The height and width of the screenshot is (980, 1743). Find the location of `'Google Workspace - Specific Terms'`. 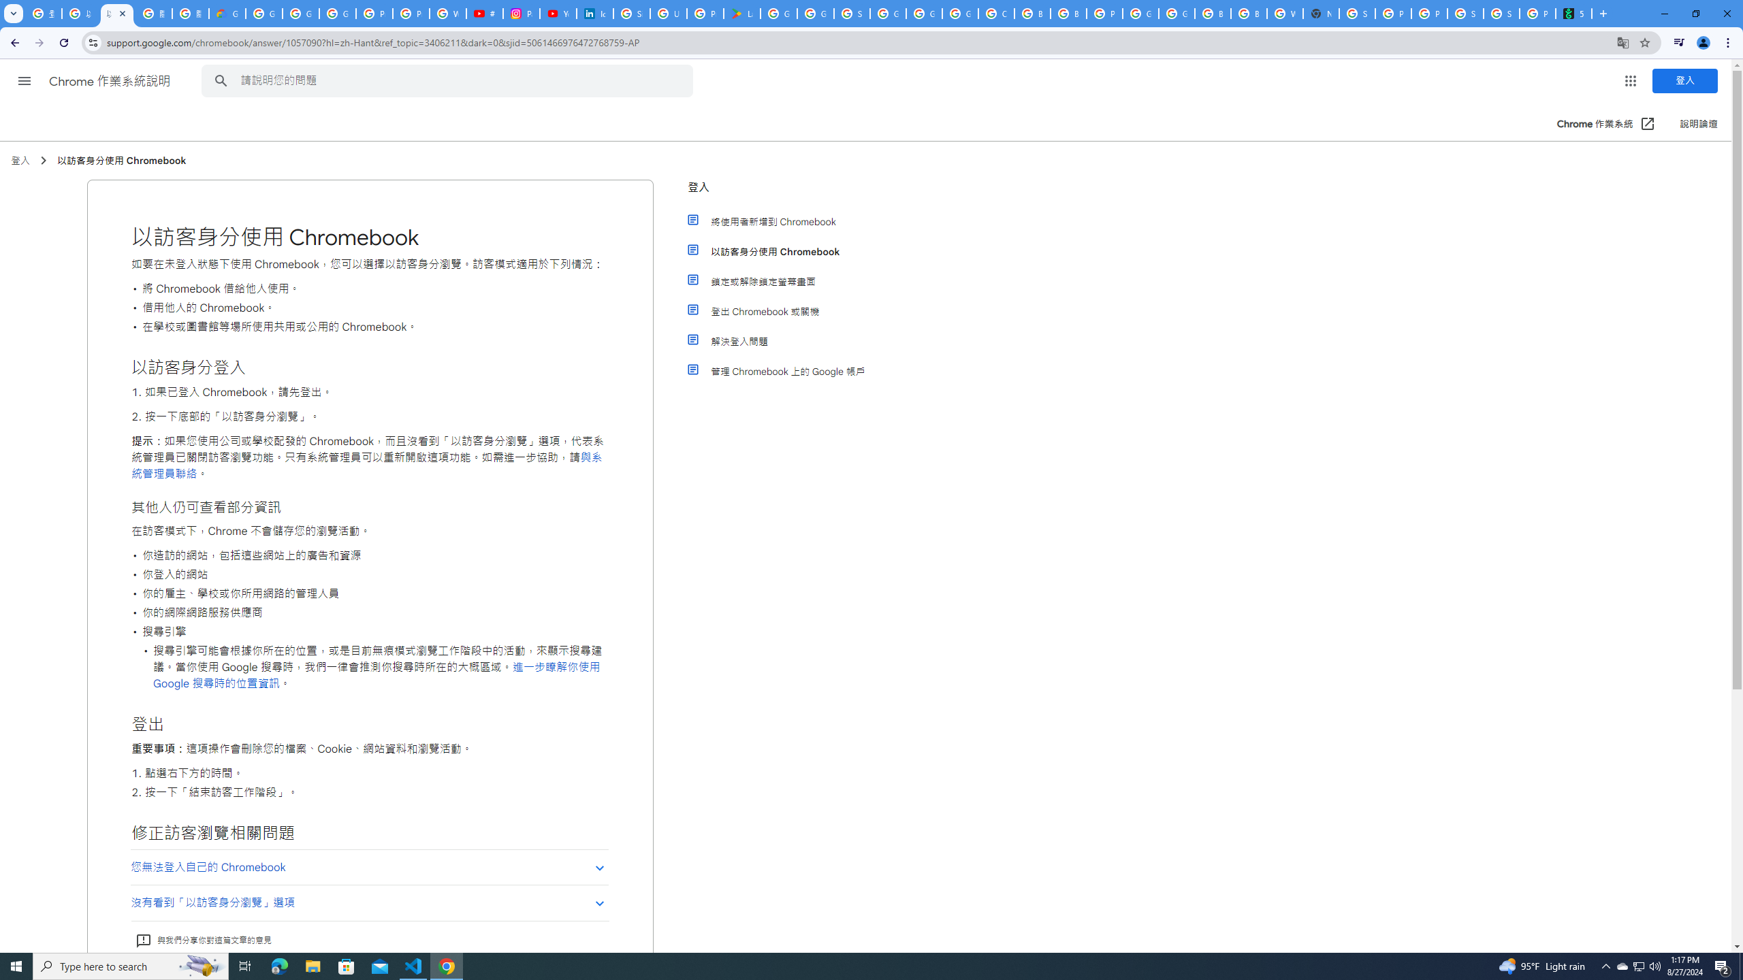

'Google Workspace - Specific Terms' is located at coordinates (816, 13).